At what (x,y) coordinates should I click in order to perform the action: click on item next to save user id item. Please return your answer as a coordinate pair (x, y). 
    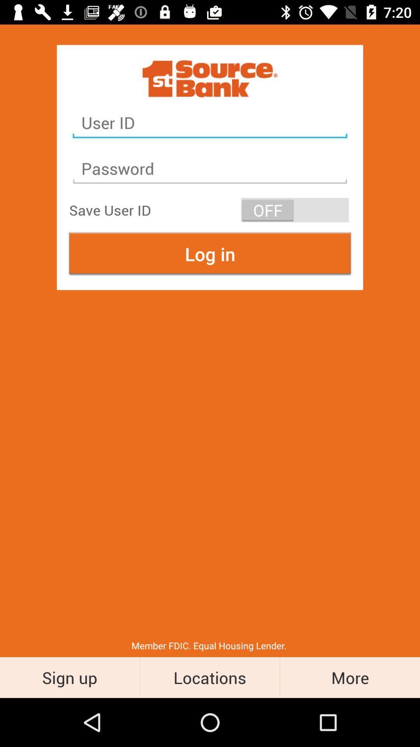
    Looking at the image, I should click on (295, 210).